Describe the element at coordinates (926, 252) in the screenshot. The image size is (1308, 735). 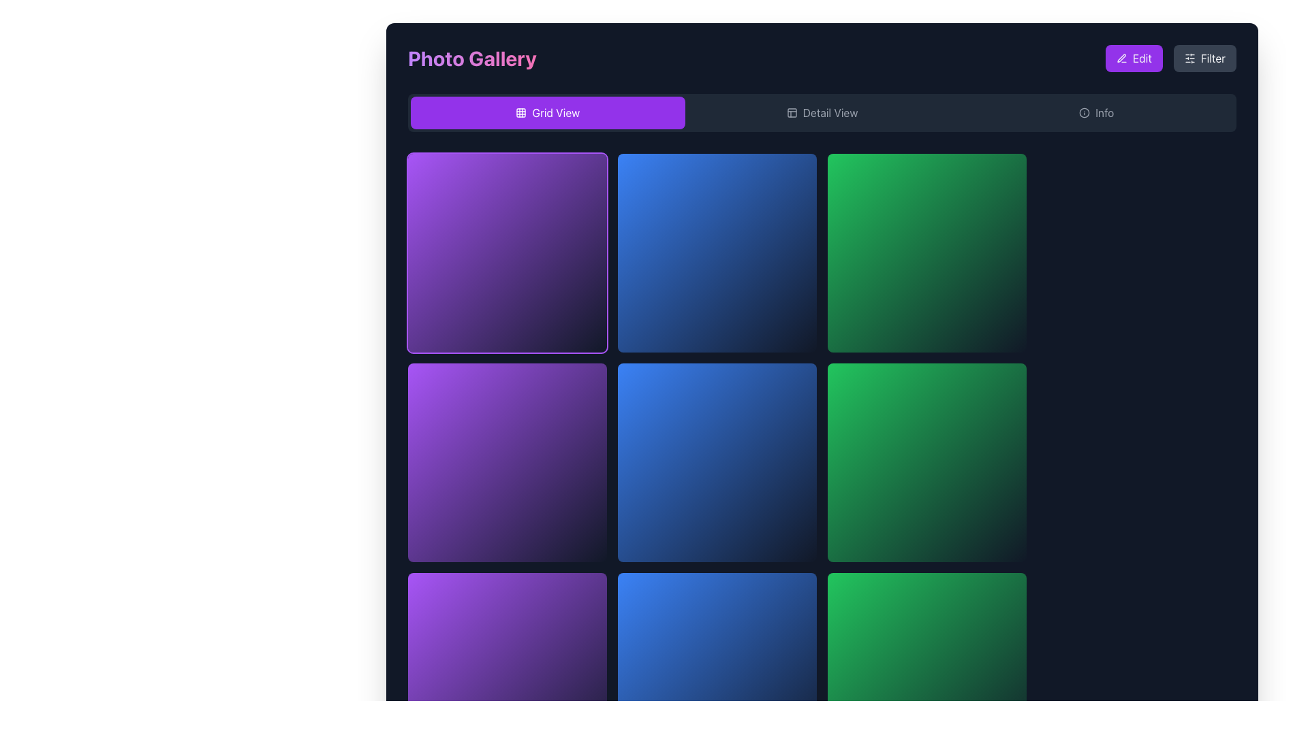
I see `the clickable visual tile with a green to teal gradient background located in the first row, third column of the grid` at that location.